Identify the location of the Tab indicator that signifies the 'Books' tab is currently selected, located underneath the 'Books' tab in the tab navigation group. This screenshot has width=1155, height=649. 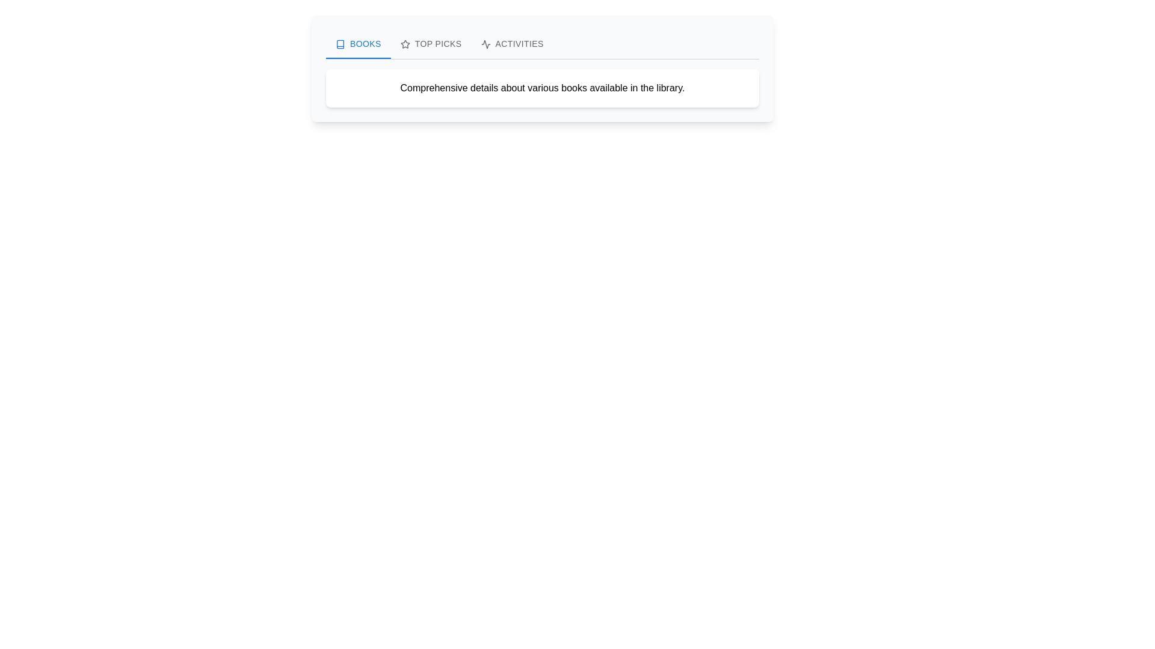
(357, 58).